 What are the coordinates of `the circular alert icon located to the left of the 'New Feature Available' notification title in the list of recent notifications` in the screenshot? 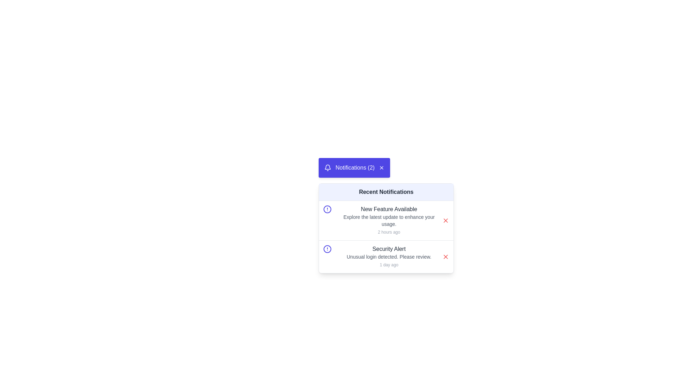 It's located at (327, 209).